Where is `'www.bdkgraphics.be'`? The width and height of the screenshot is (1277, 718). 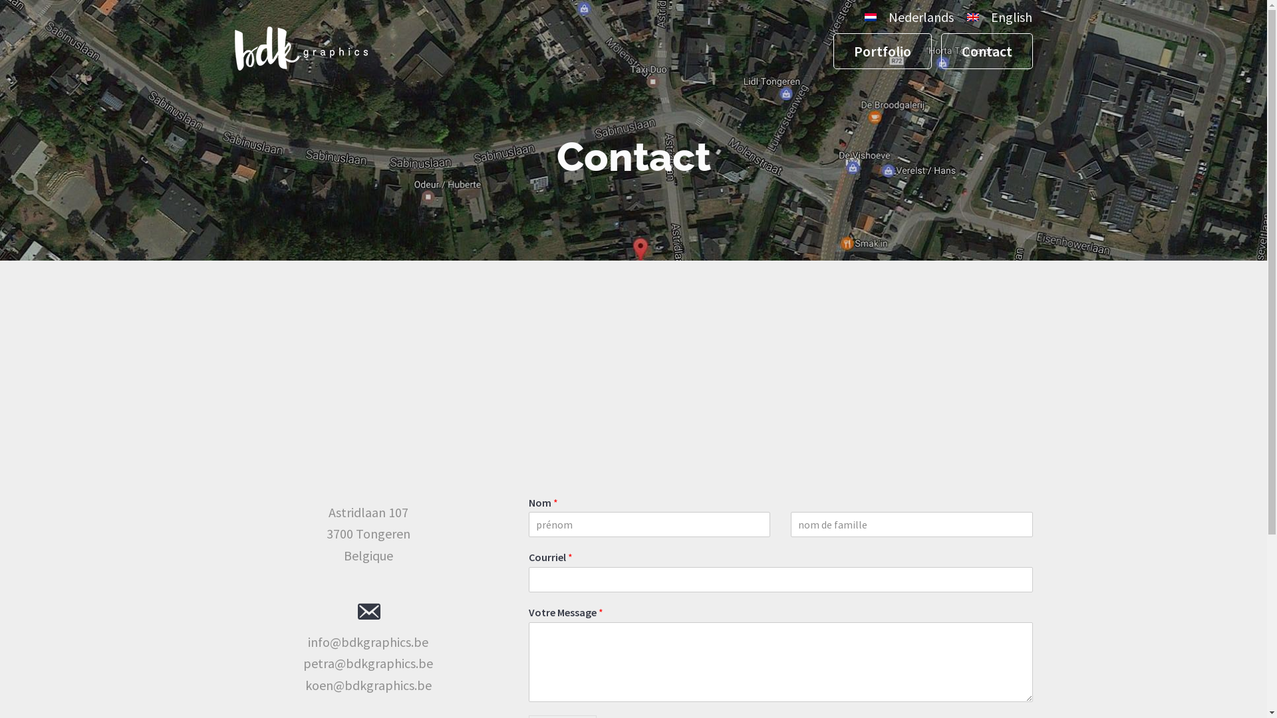 'www.bdkgraphics.be' is located at coordinates (299, 63).